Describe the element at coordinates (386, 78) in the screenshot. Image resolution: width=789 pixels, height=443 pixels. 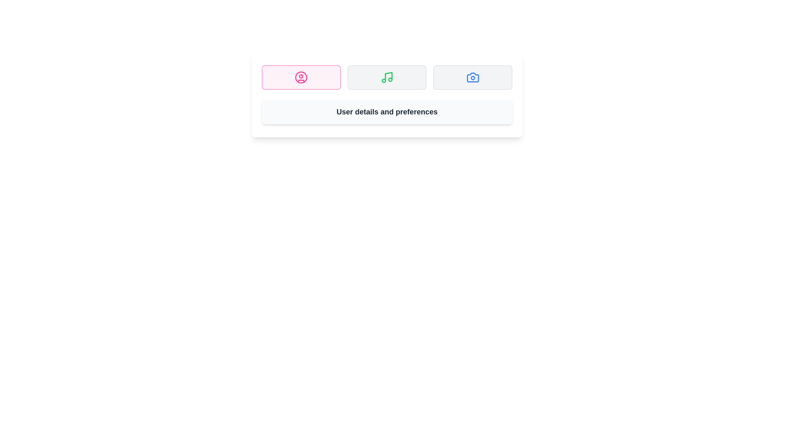
I see `the tab button corresponding to Music` at that location.